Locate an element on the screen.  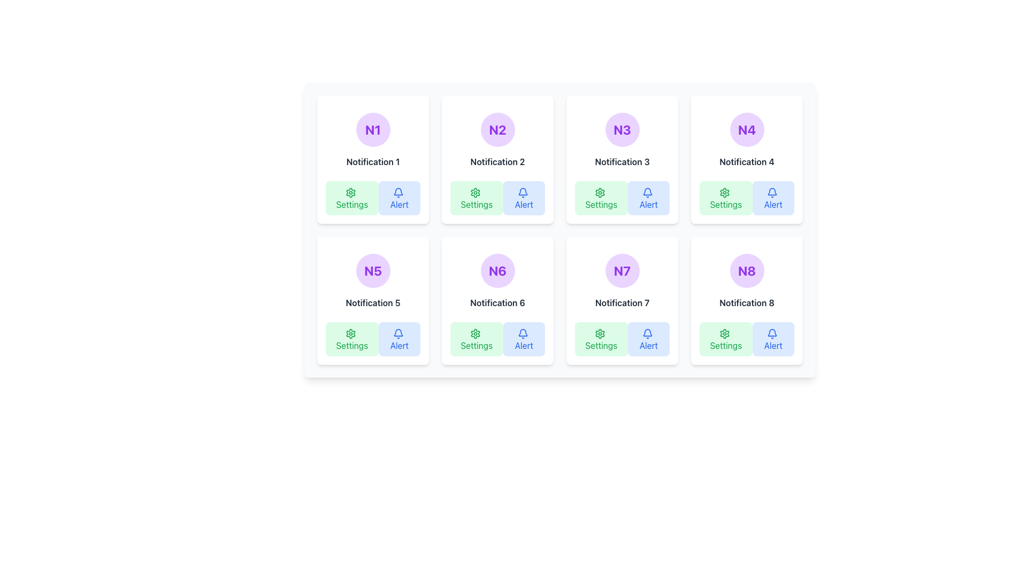
the 'Alert' button with a rounded blue background is located at coordinates (648, 198).